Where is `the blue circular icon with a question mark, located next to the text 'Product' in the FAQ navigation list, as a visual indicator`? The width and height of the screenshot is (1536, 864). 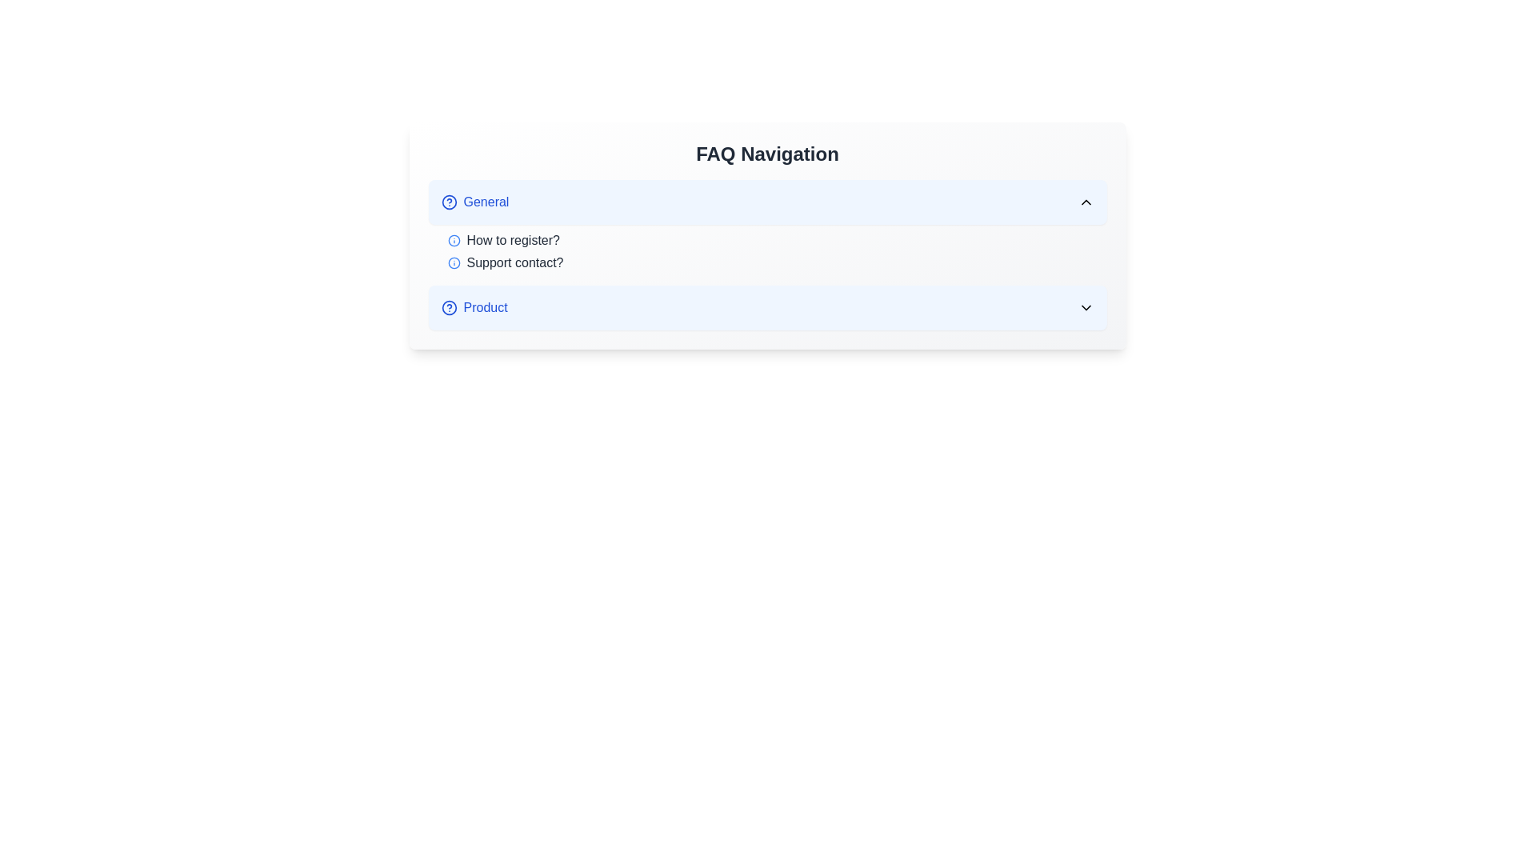
the blue circular icon with a question mark, located next to the text 'Product' in the FAQ navigation list, as a visual indicator is located at coordinates (448, 308).